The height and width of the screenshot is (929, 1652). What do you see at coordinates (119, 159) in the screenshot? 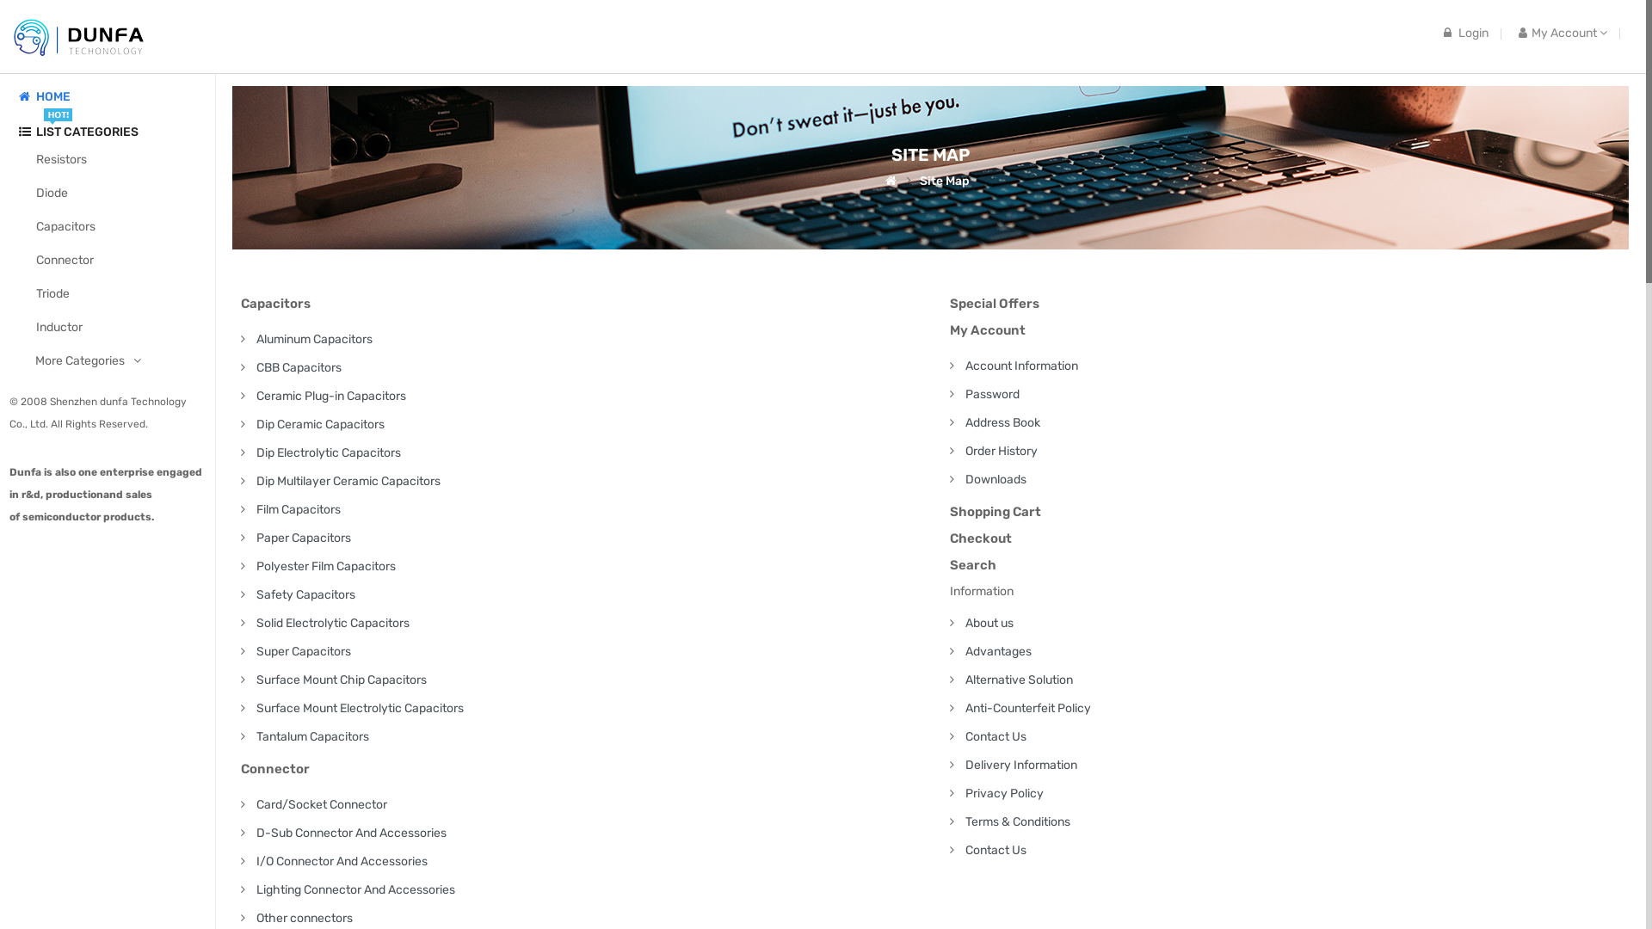
I see `'Resistors'` at bounding box center [119, 159].